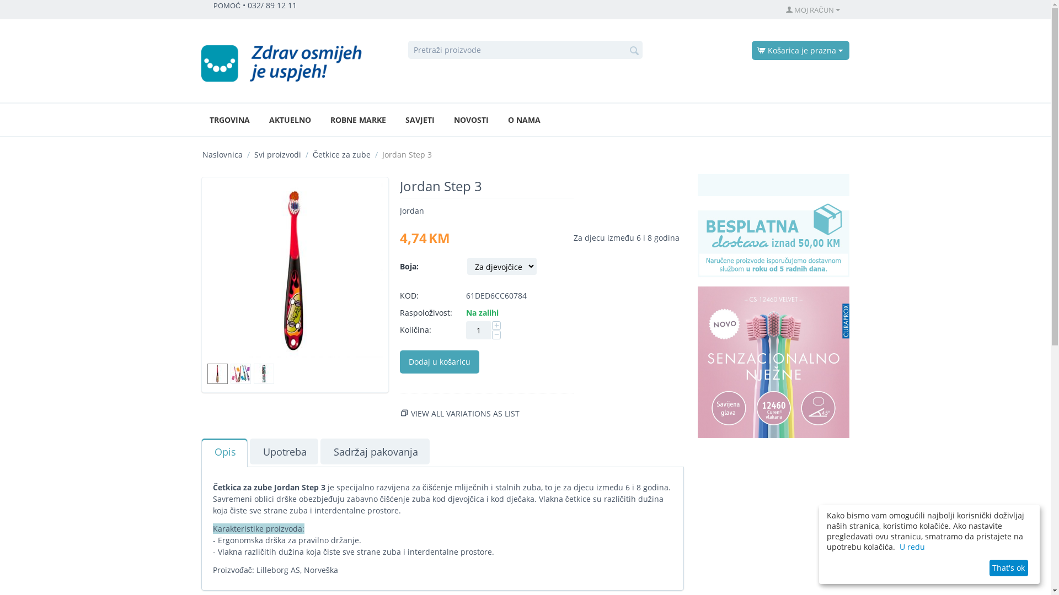 This screenshot has width=1059, height=595. What do you see at coordinates (465, 413) in the screenshot?
I see `'VIEW ALL VARIATIONS AS LIST'` at bounding box center [465, 413].